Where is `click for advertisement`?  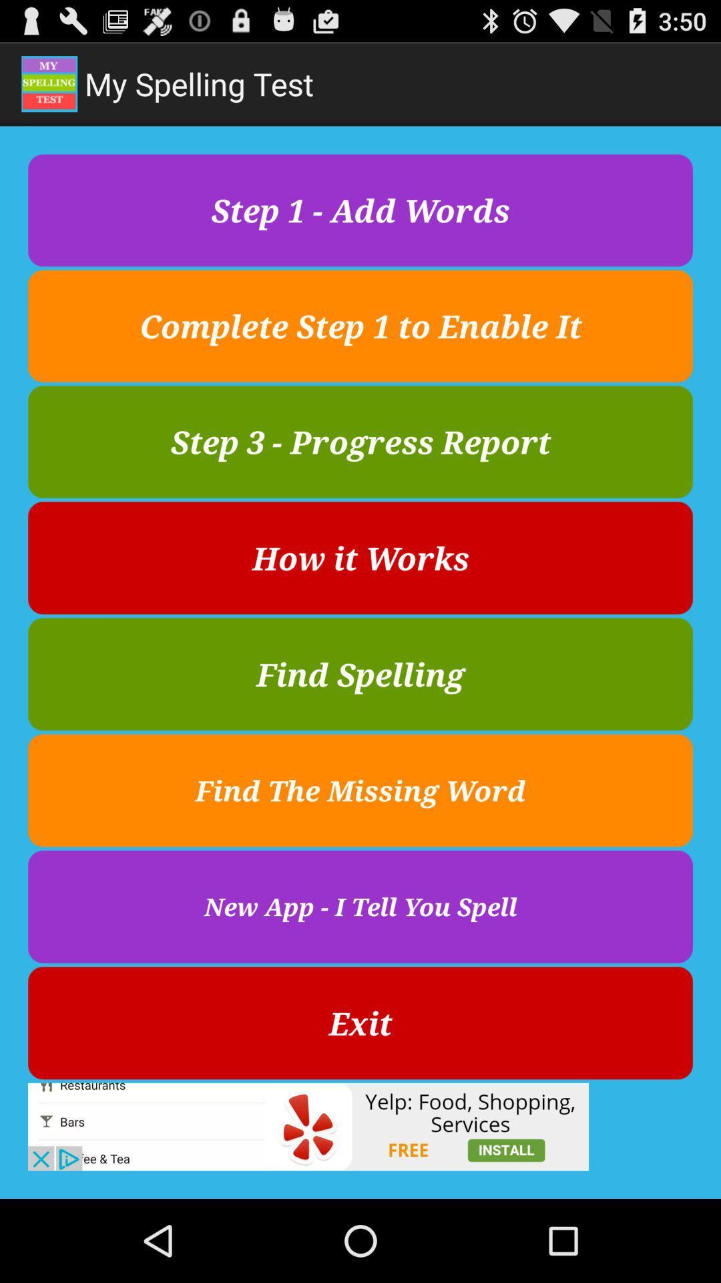 click for advertisement is located at coordinates (308, 1126).